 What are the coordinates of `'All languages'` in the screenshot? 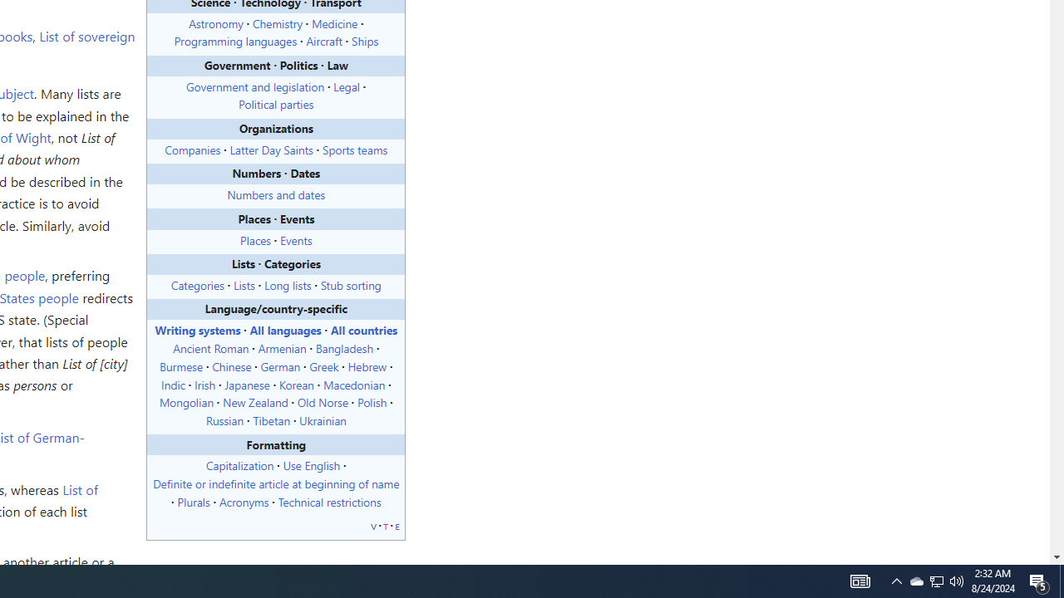 It's located at (285, 330).